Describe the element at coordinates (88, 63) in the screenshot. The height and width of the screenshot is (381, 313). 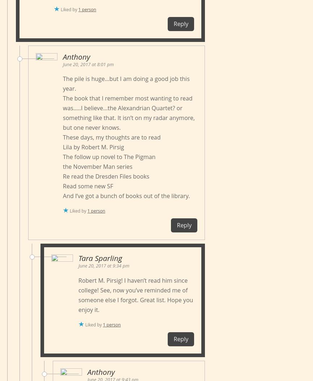
I see `'June 20, 2017 at 8:01 pm'` at that location.